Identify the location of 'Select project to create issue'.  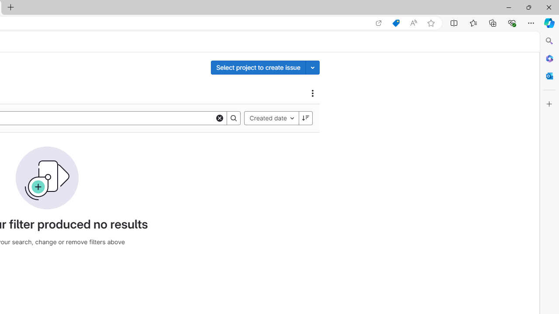
(258, 67).